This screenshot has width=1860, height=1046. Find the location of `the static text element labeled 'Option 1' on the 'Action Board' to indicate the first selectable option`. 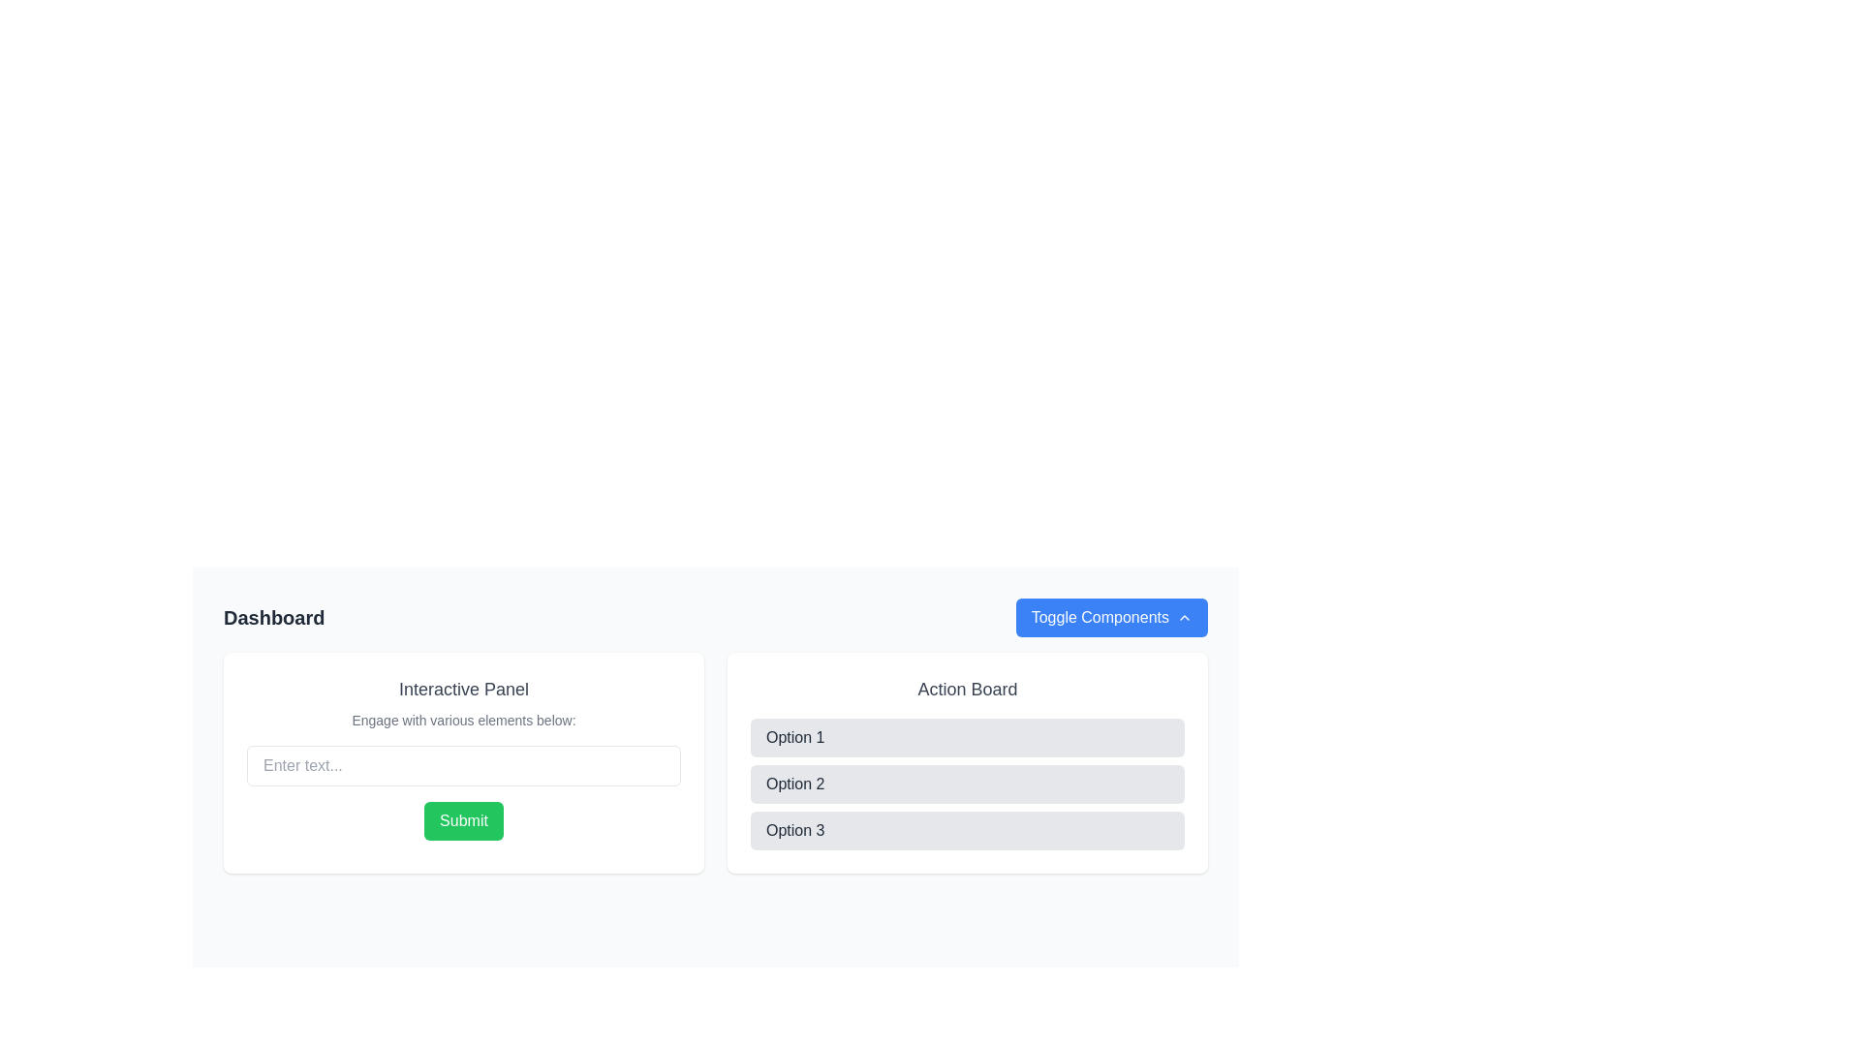

the static text element labeled 'Option 1' on the 'Action Board' to indicate the first selectable option is located at coordinates (795, 738).